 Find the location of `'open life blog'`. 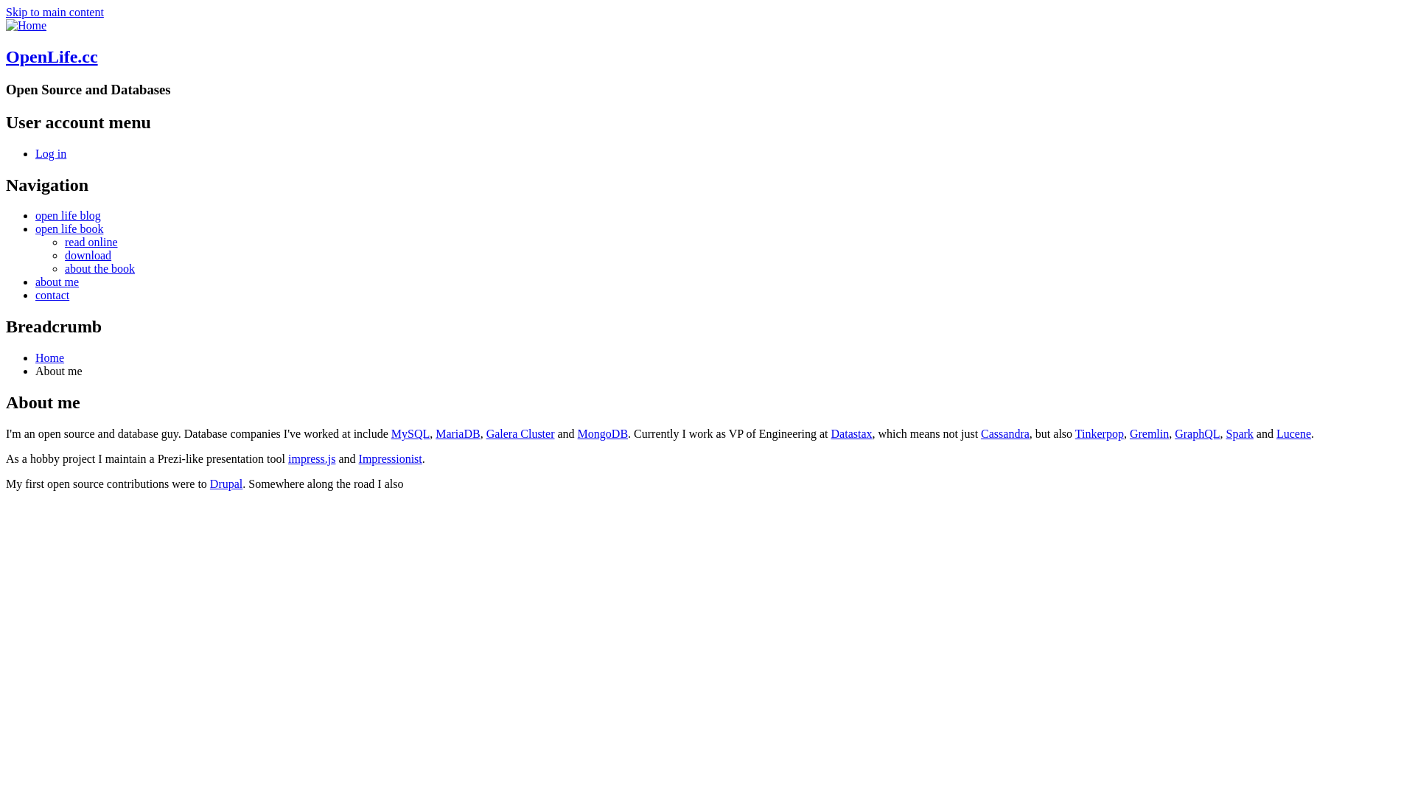

'open life blog' is located at coordinates (67, 215).